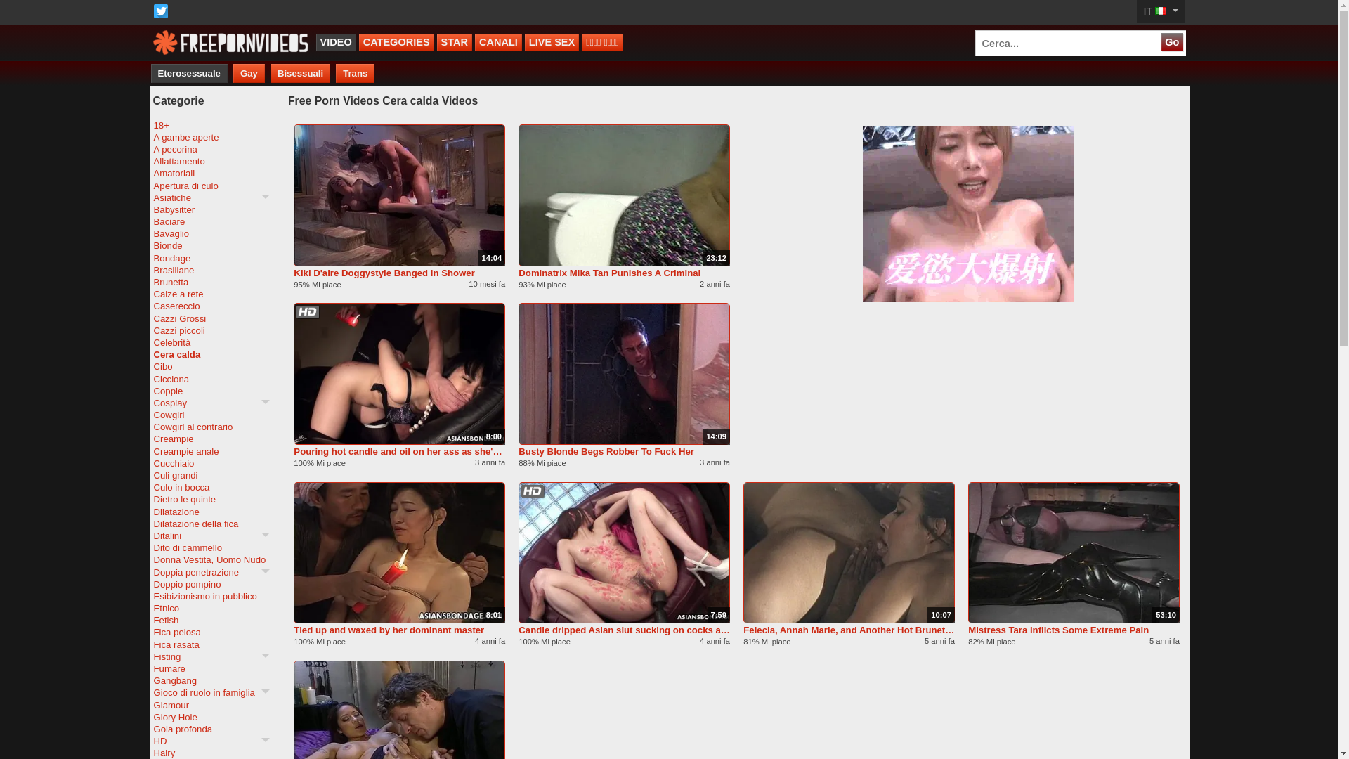 Image resolution: width=1349 pixels, height=759 pixels. What do you see at coordinates (211, 270) in the screenshot?
I see `'Brasiliane'` at bounding box center [211, 270].